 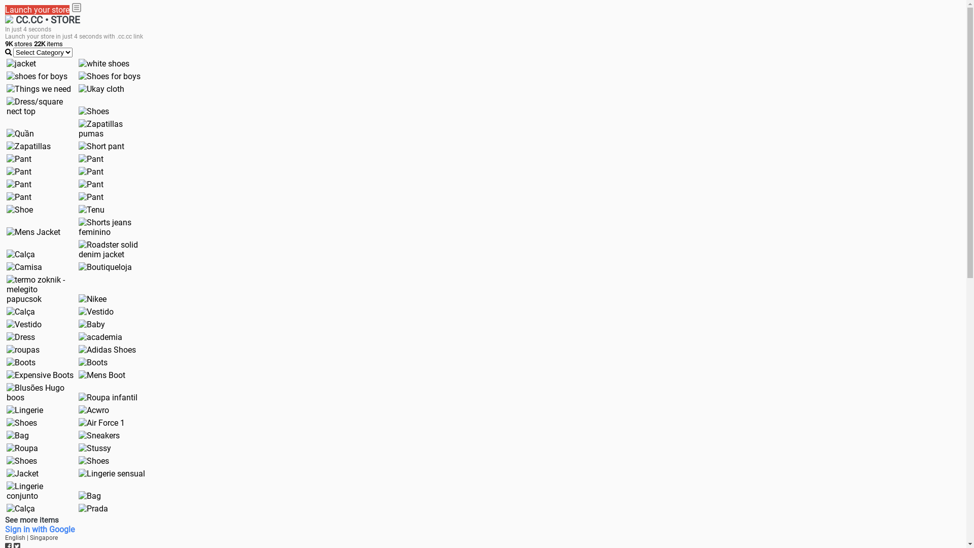 I want to click on 'Things we need', so click(x=39, y=88).